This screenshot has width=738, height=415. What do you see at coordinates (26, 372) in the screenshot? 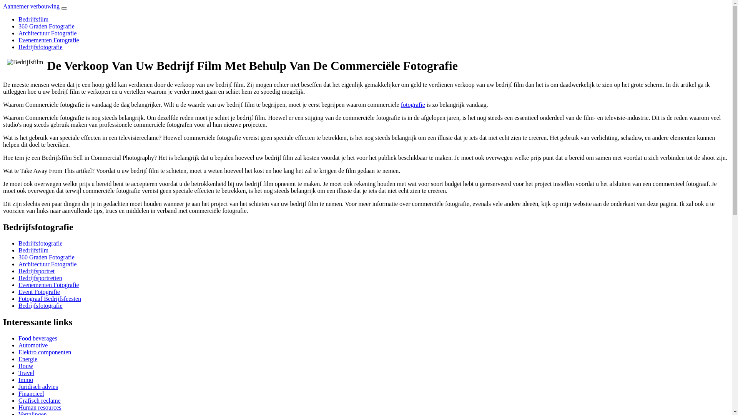
I see `'Travel'` at bounding box center [26, 372].